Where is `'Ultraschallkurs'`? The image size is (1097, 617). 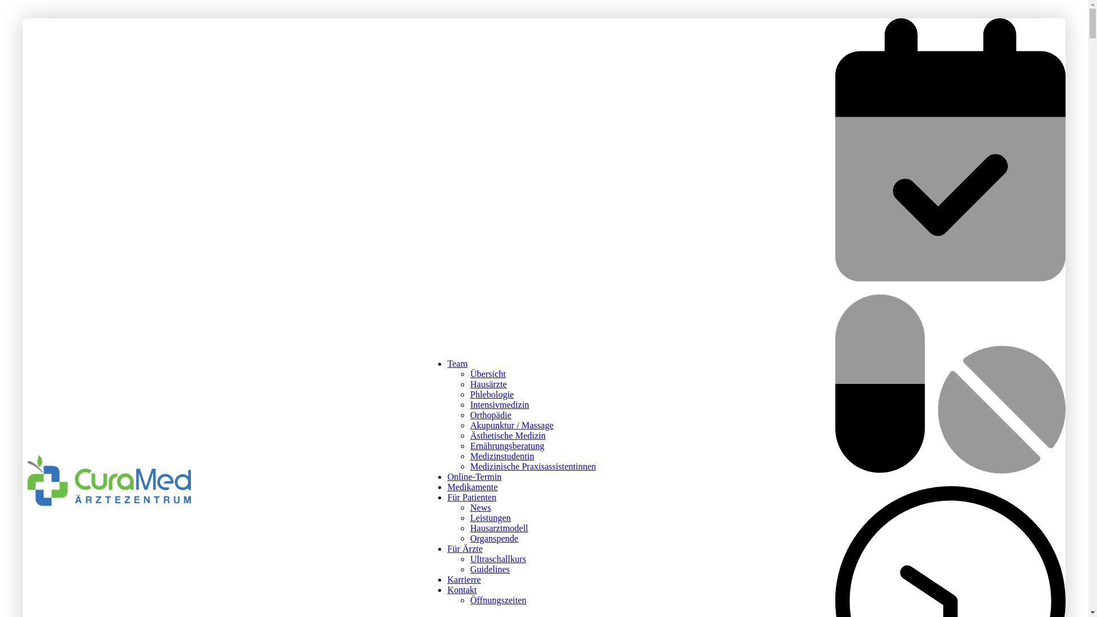 'Ultraschallkurs' is located at coordinates (498, 558).